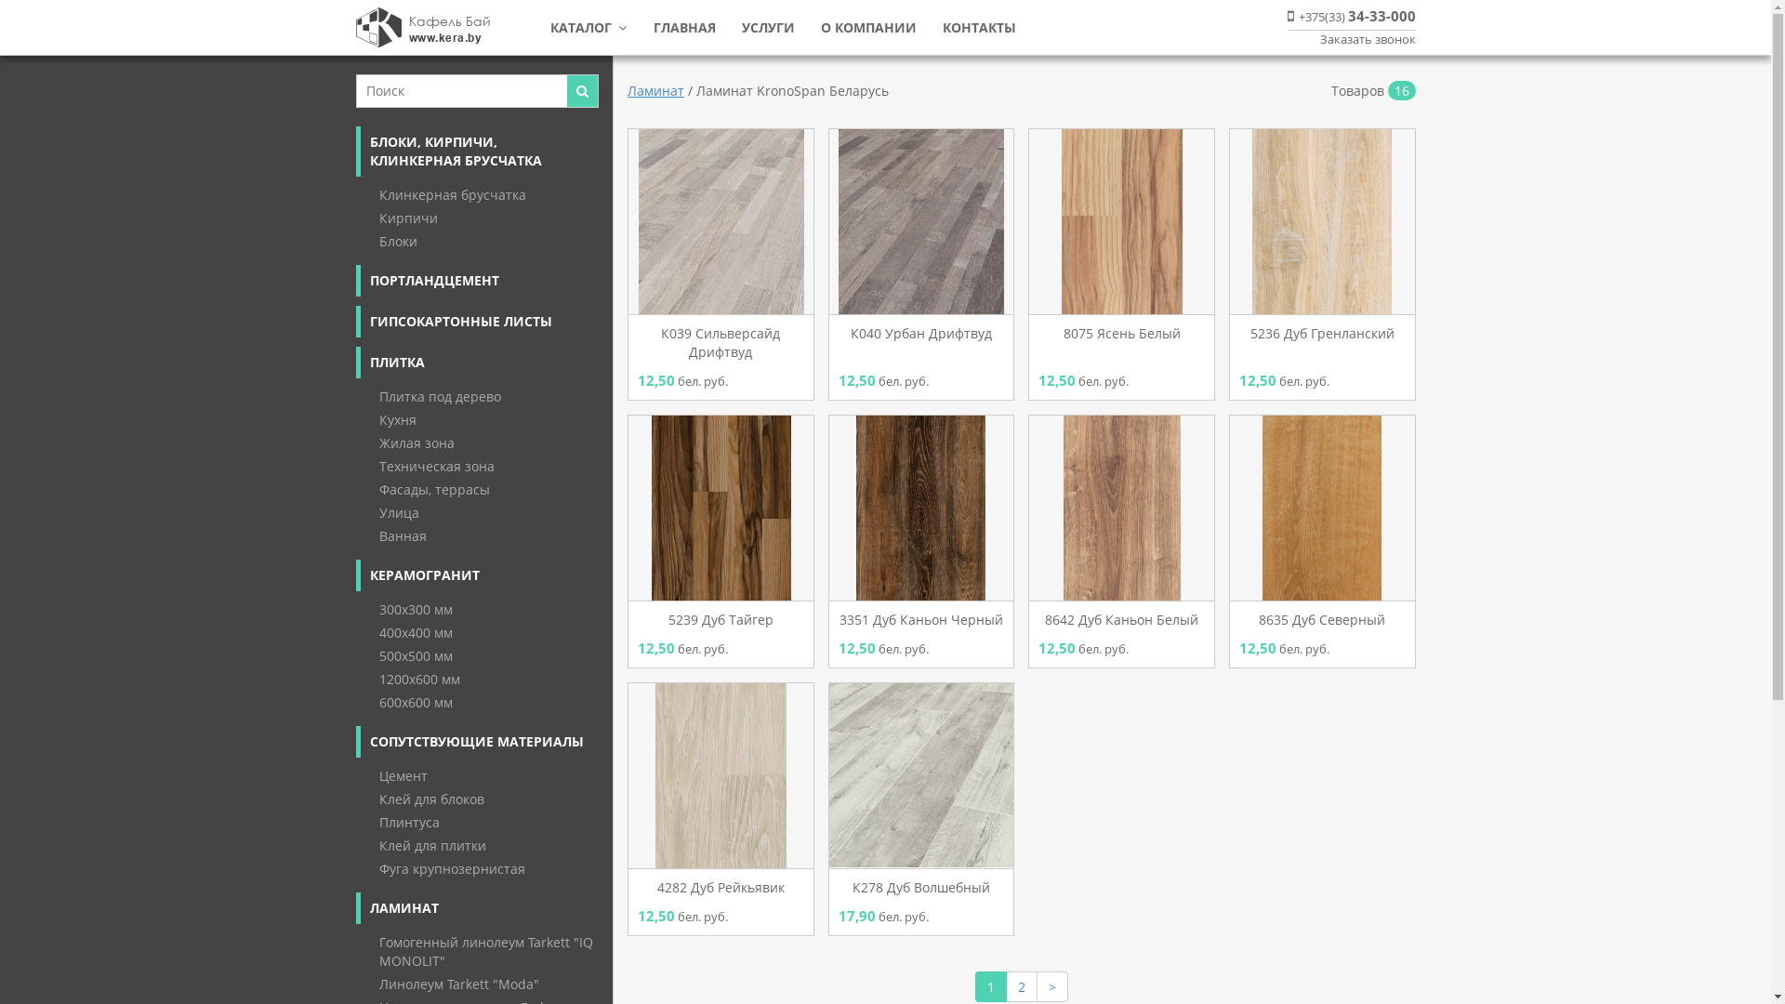  Describe the element at coordinates (1021, 985) in the screenshot. I see `'2'` at that location.